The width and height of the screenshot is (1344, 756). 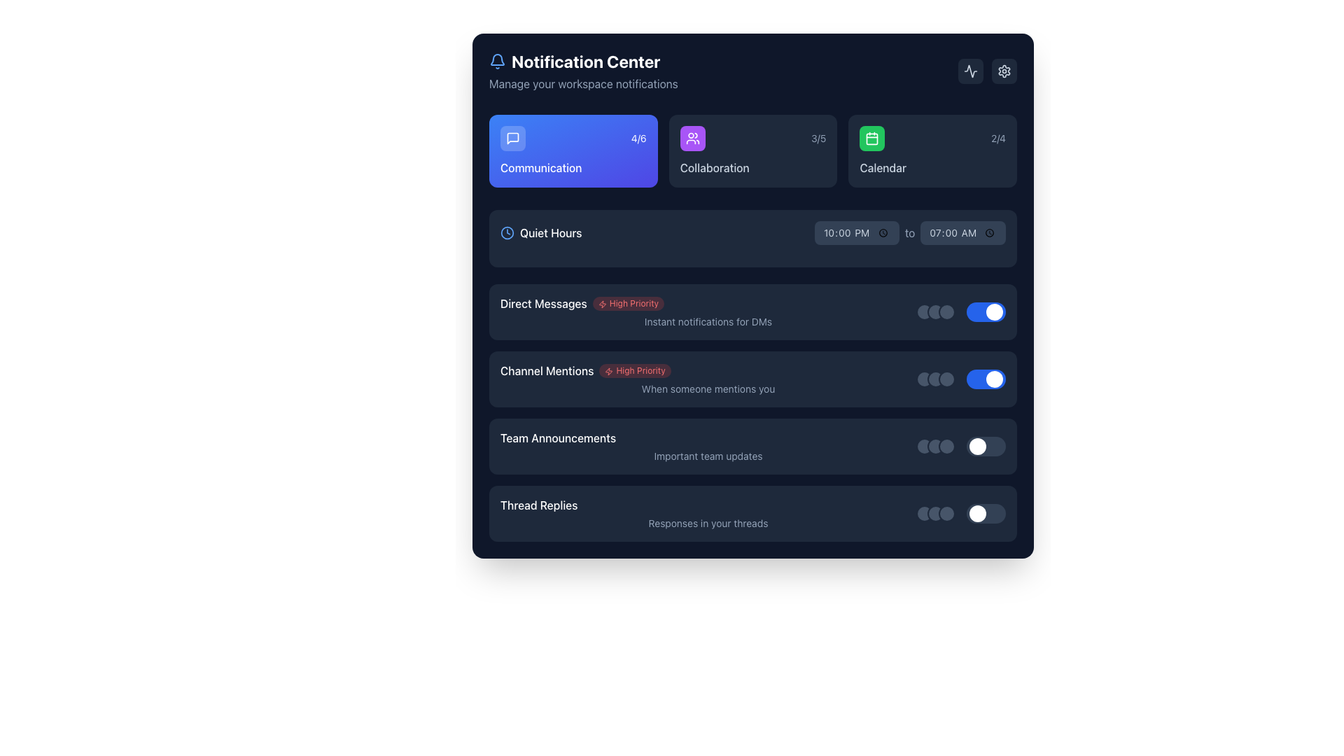 I want to click on information from the notification card for direct messages, which is the first element in the list with a toggle switch, so click(x=752, y=311).